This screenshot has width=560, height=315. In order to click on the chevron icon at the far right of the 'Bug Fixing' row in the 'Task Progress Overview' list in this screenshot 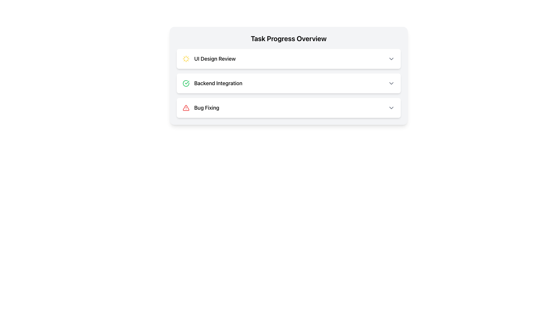, I will do `click(391, 108)`.